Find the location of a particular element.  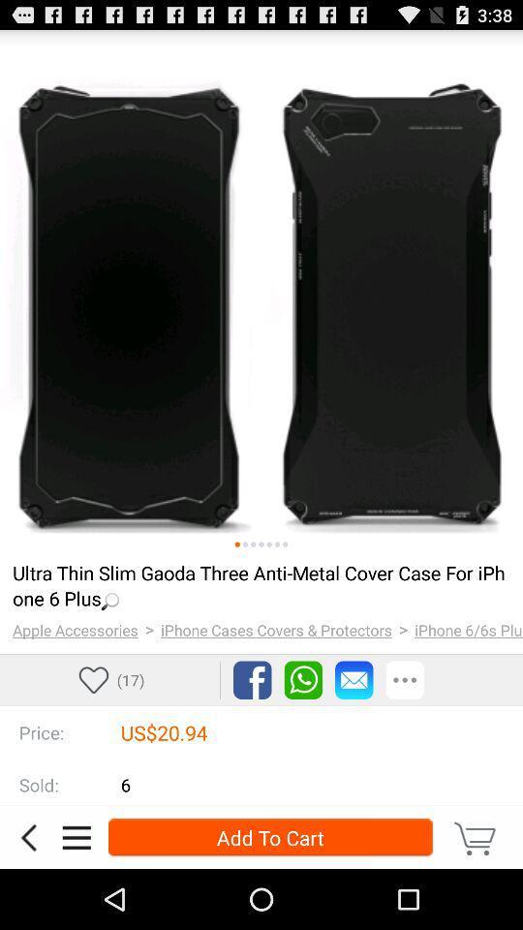

menu section is located at coordinates (76, 836).